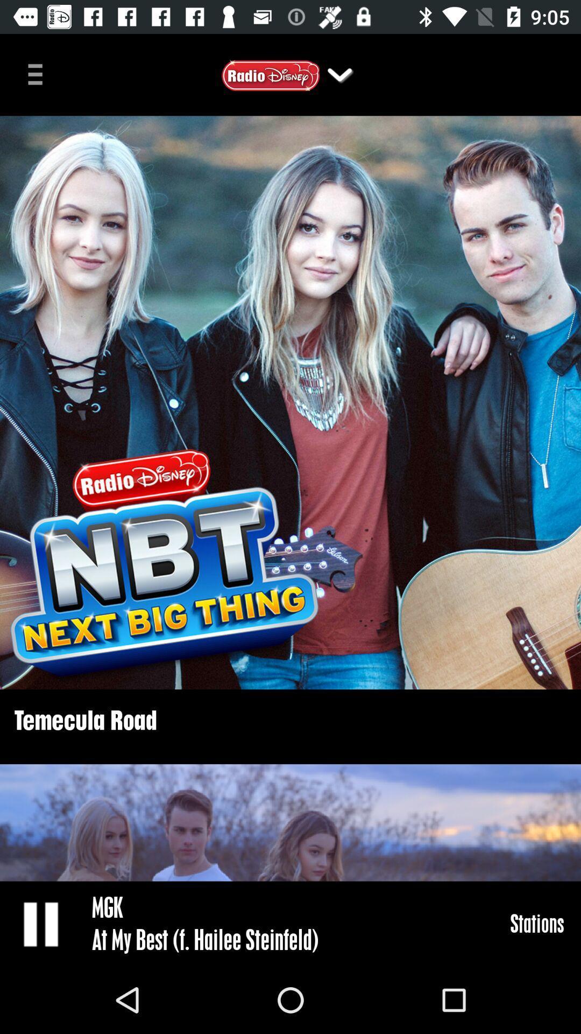 This screenshot has width=581, height=1034. Describe the element at coordinates (537, 923) in the screenshot. I see `the icon to the right of the mgk` at that location.